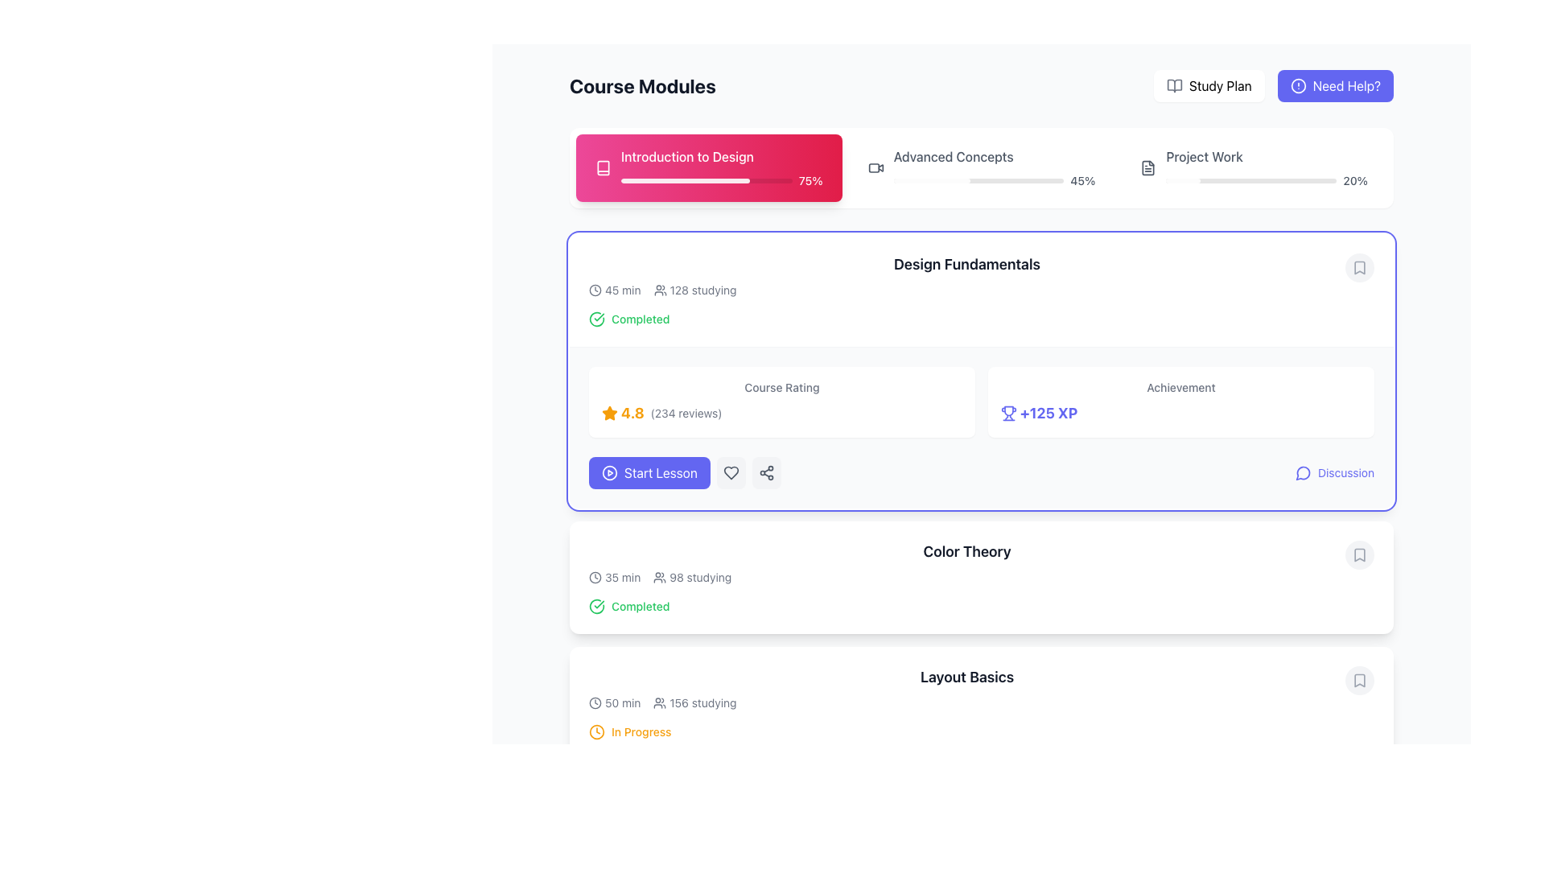 The width and height of the screenshot is (1545, 869). I want to click on the progress visually conveyed by the progress indicator segment representing 75% completion within the 'Introduction to Design' module card, so click(685, 180).